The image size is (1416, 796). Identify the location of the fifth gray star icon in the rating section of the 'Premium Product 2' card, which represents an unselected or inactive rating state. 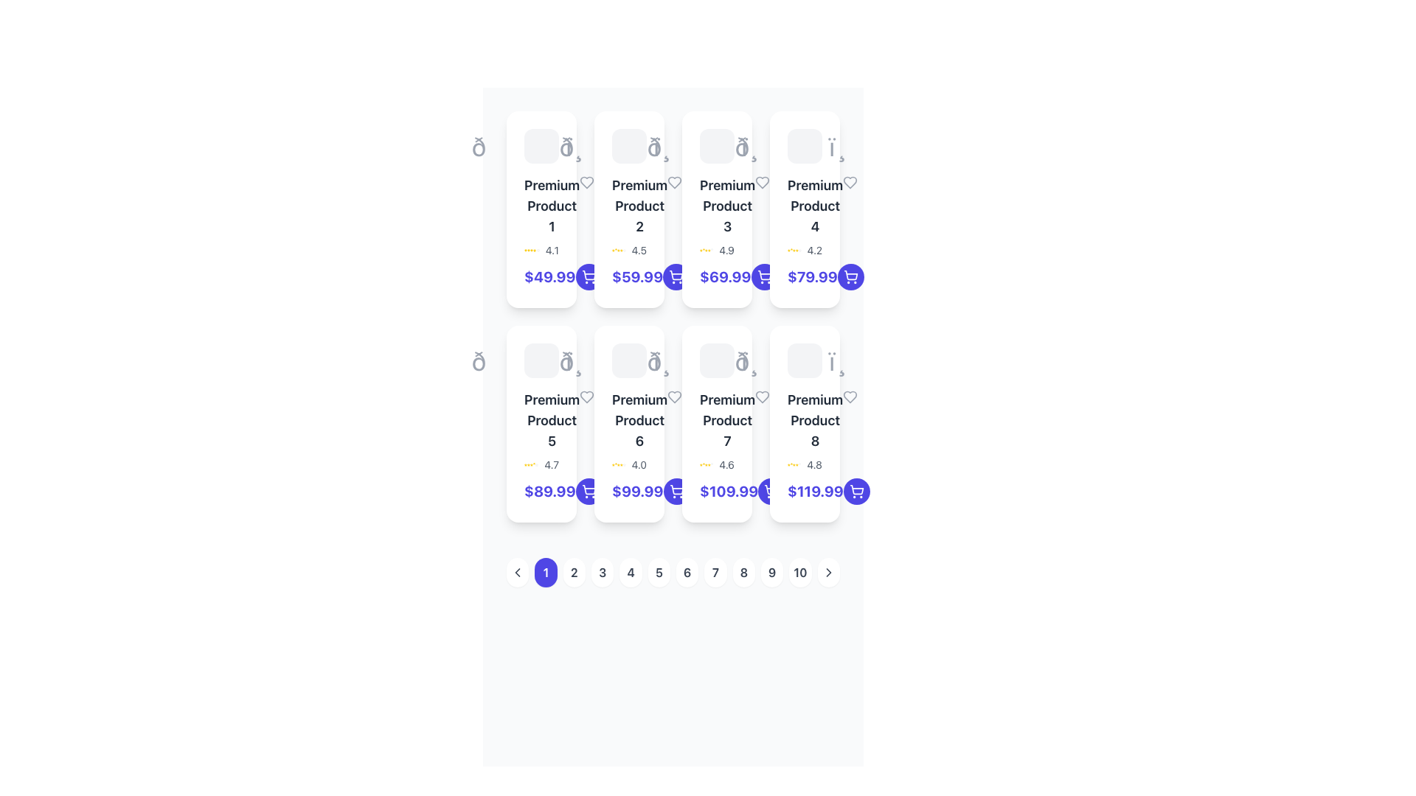
(624, 249).